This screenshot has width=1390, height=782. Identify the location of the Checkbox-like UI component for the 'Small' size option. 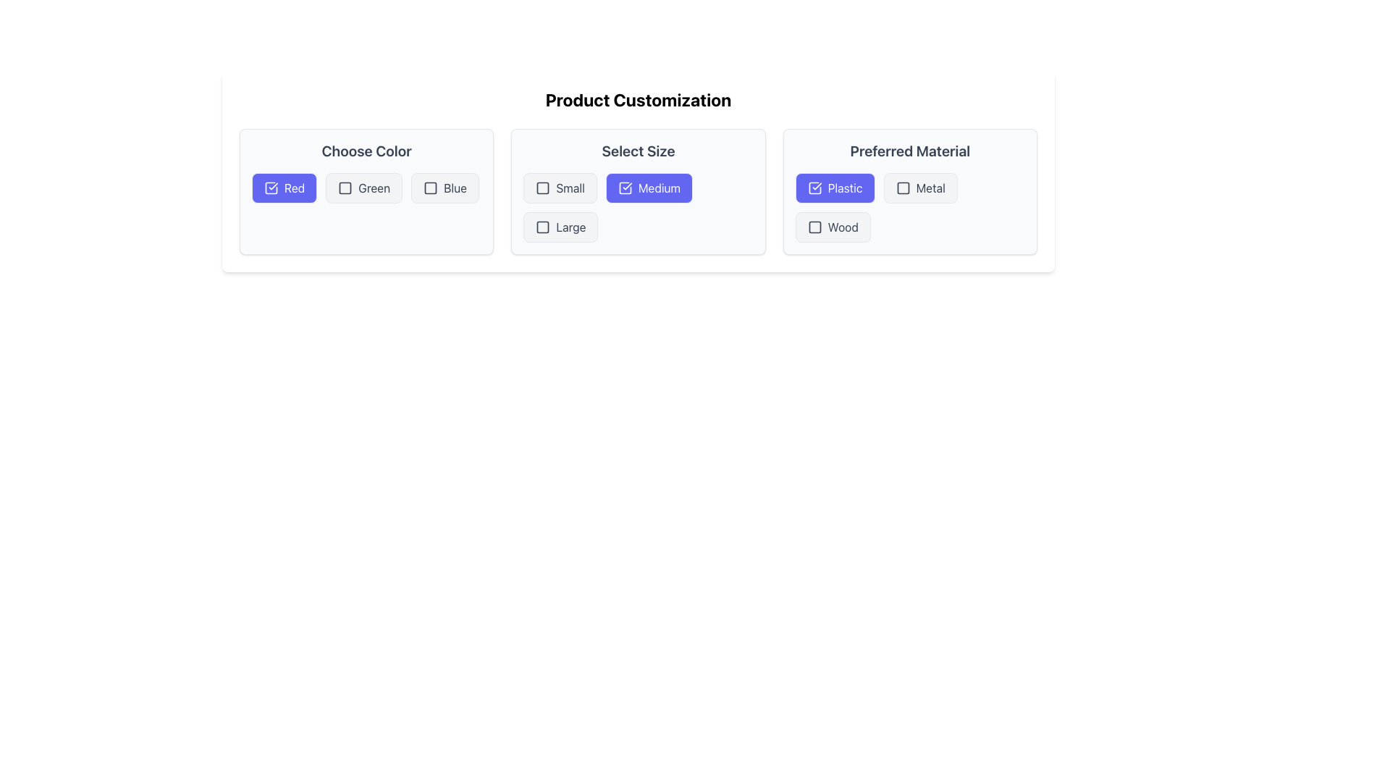
(542, 187).